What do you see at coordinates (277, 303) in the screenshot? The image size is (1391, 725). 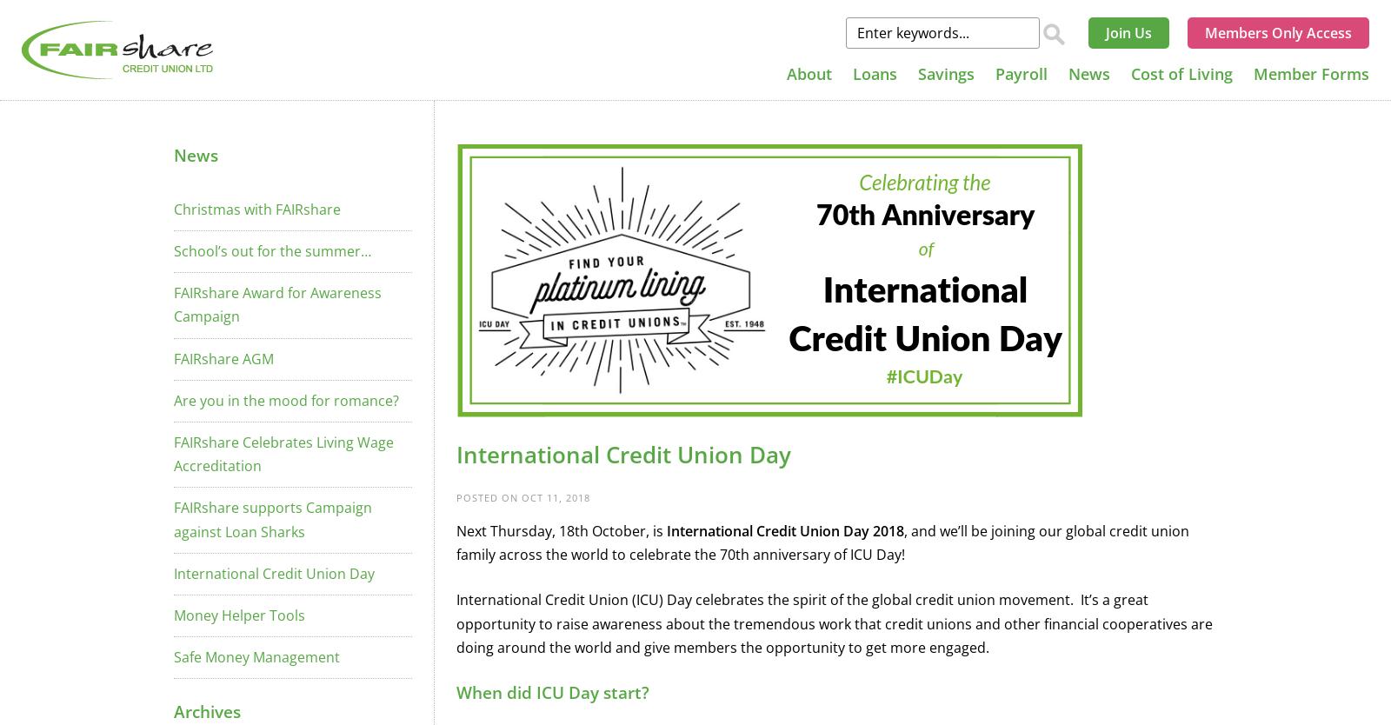 I see `'FAIRshare Award for Awareness Campaign'` at bounding box center [277, 303].